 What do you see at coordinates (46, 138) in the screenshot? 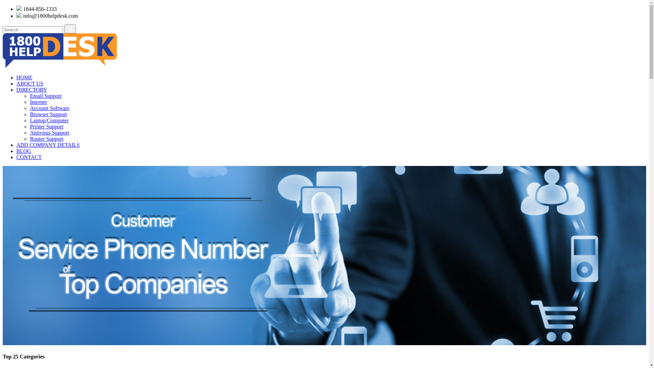
I see `'Router Support'` at bounding box center [46, 138].